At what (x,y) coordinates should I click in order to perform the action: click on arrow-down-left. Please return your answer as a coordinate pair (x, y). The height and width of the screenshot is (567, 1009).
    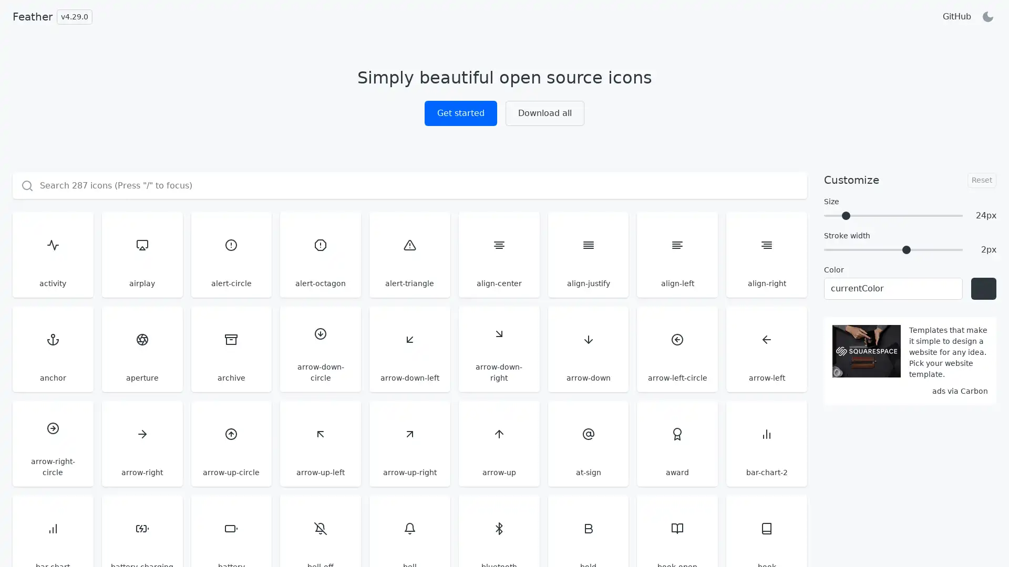
    Looking at the image, I should click on (409, 349).